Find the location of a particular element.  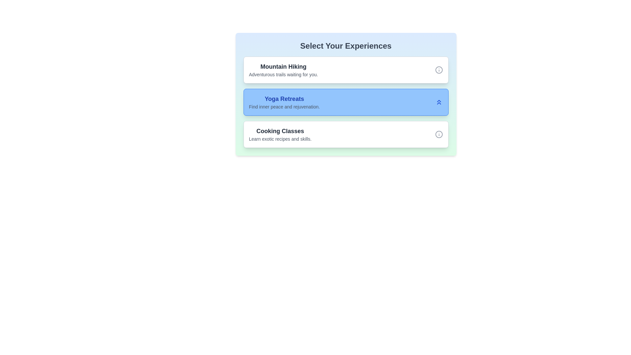

the info icon for the option Cooking Classes is located at coordinates (439, 134).